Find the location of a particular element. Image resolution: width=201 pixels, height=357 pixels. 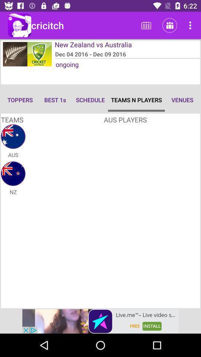

open advertisement is located at coordinates (100, 321).